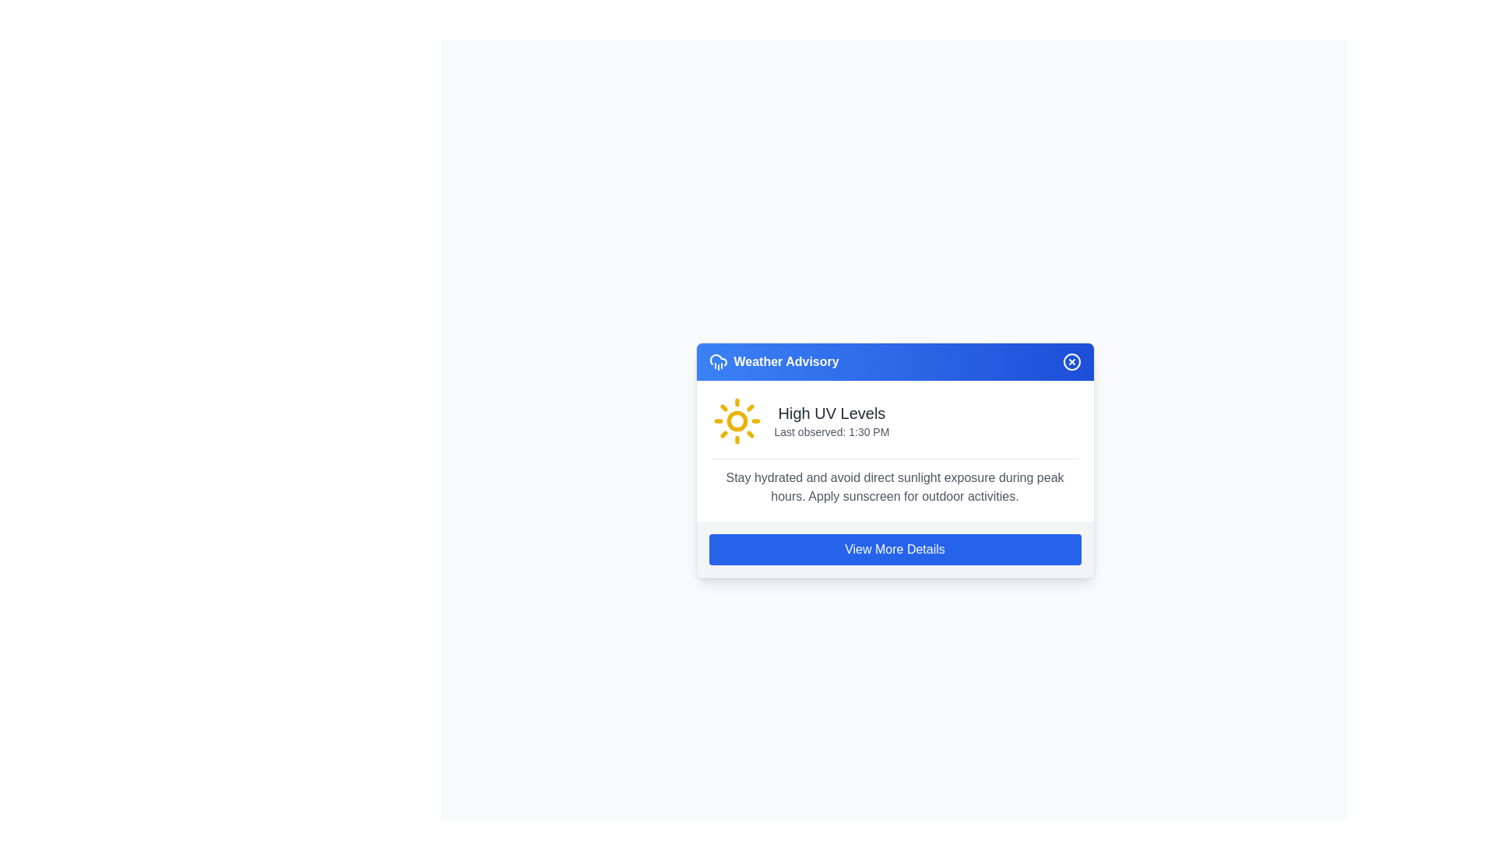 This screenshot has width=1495, height=841. Describe the element at coordinates (1071, 361) in the screenshot. I see `the circular button with an 'X' icon, styled with a blue background, located at the top-right corner of the 'Weather Advisory' notification` at that location.